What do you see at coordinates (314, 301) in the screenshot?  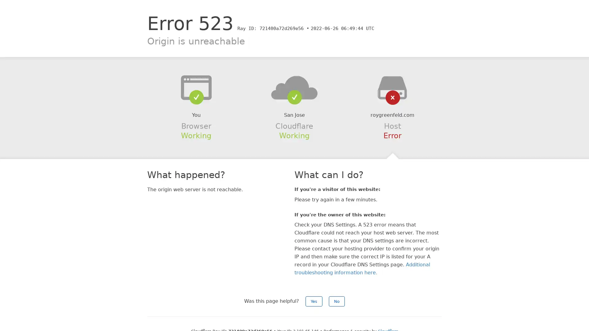 I see `Yes` at bounding box center [314, 301].